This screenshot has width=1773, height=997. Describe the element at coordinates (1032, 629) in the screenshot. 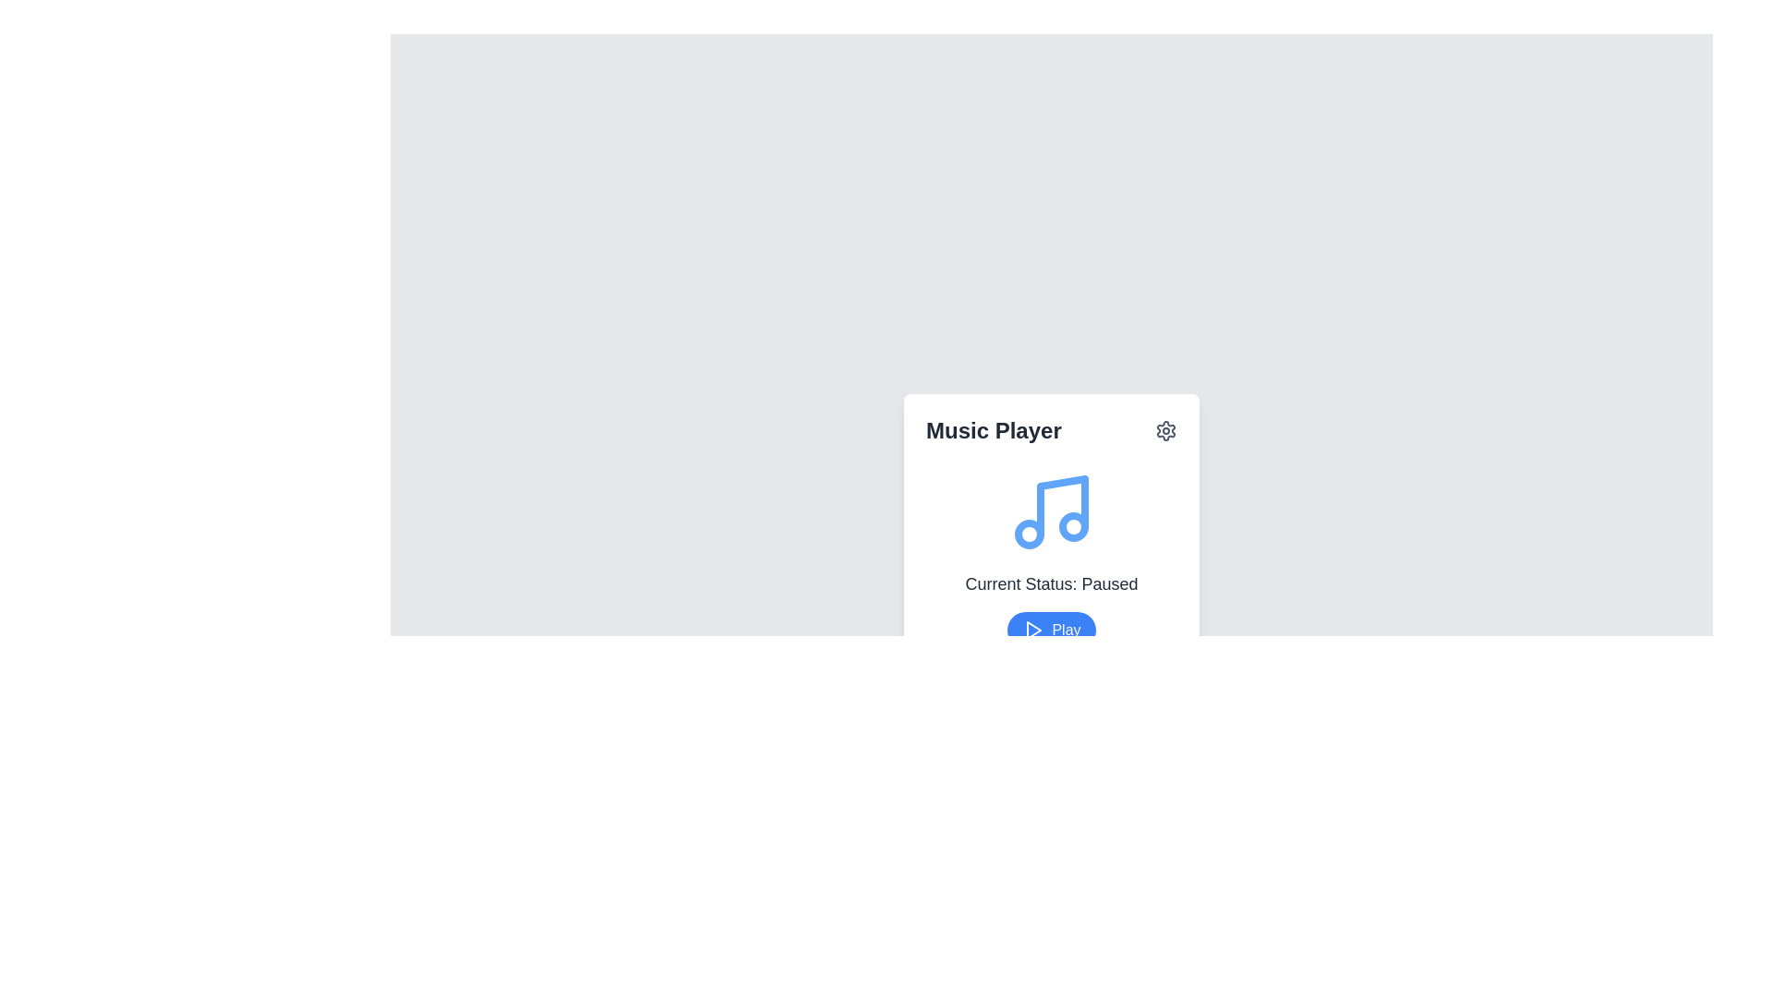

I see `the 'Play' button, which is an icon embedded within a rectangular button for initiating audio playback located near the bottom of the music player card` at that location.